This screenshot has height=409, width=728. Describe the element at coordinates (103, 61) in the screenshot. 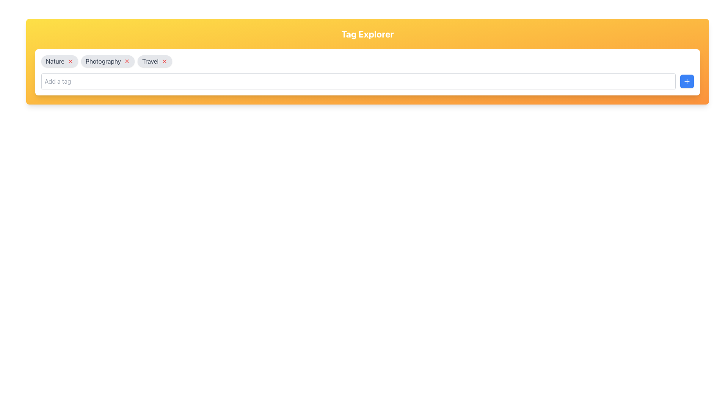

I see `text 'Photography' displayed in bold within the light gray rounded rectangular button, which is the main text content of the second tag button` at that location.